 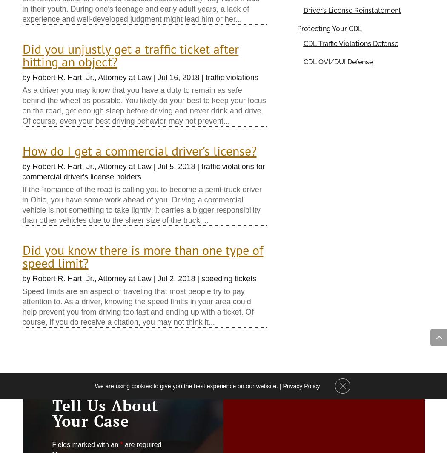 I want to click on 'How do I get a commercial driver’s license?', so click(x=139, y=150).